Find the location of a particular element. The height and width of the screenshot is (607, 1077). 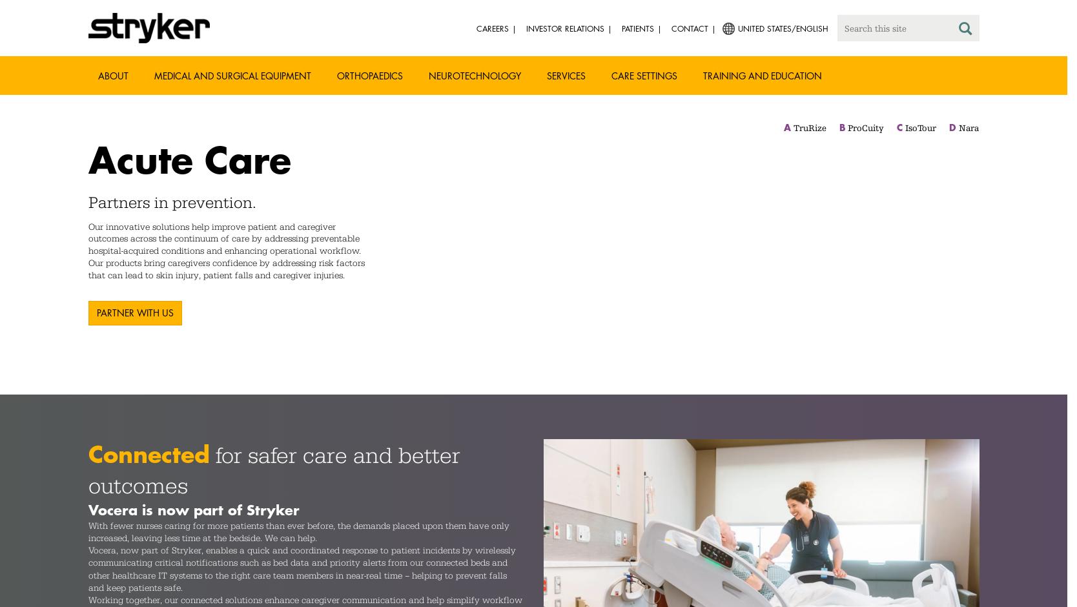

'IsoTour' is located at coordinates (902, 127).